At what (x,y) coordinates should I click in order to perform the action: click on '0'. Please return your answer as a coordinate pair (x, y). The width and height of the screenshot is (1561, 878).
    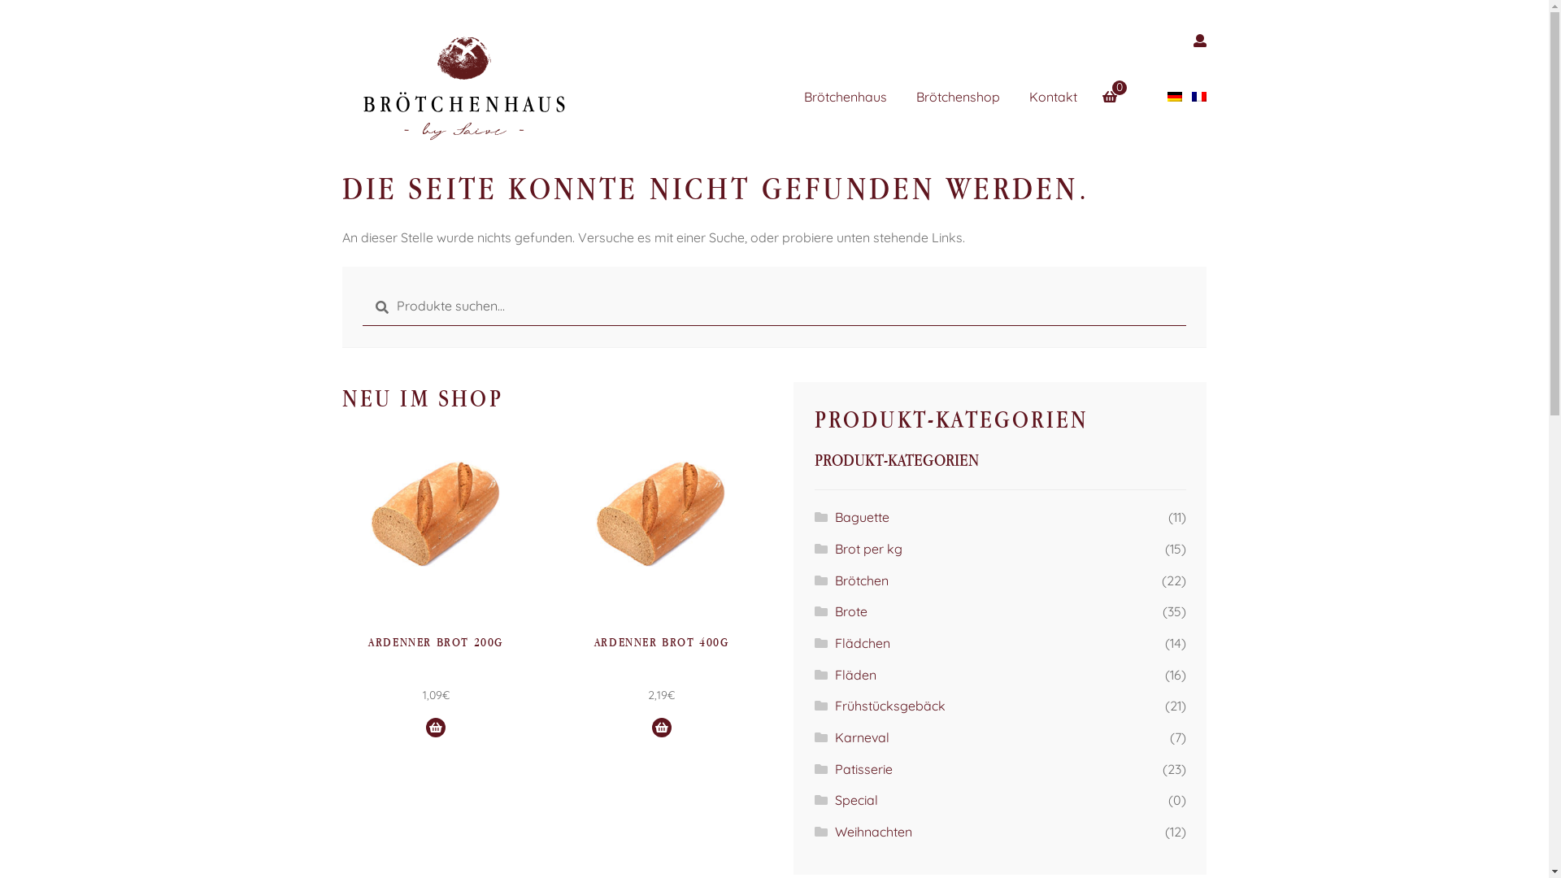
    Looking at the image, I should click on (1103, 87).